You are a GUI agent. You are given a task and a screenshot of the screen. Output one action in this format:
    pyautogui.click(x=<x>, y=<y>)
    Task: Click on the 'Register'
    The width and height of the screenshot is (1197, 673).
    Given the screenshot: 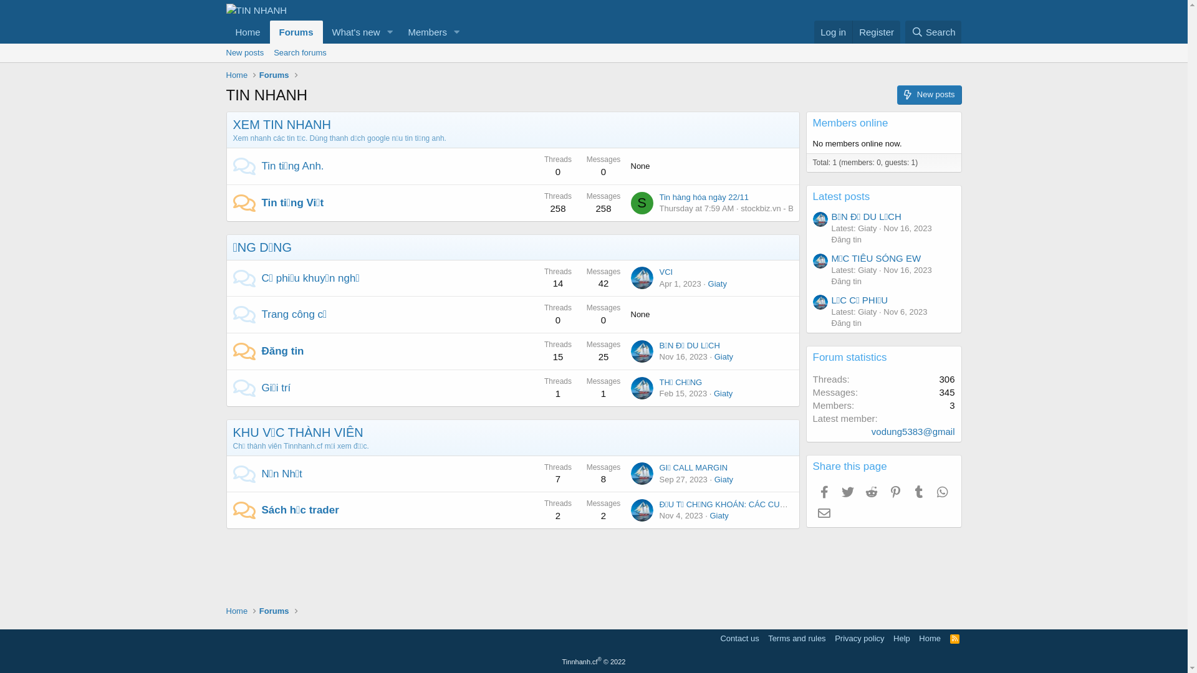 What is the action you would take?
    pyautogui.click(x=875, y=31)
    